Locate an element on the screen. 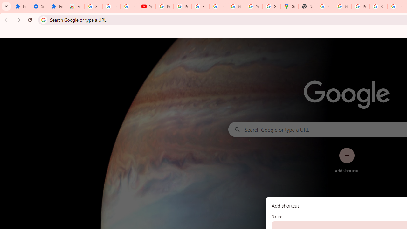 The width and height of the screenshot is (407, 229). 'YouTube' is located at coordinates (147, 6).